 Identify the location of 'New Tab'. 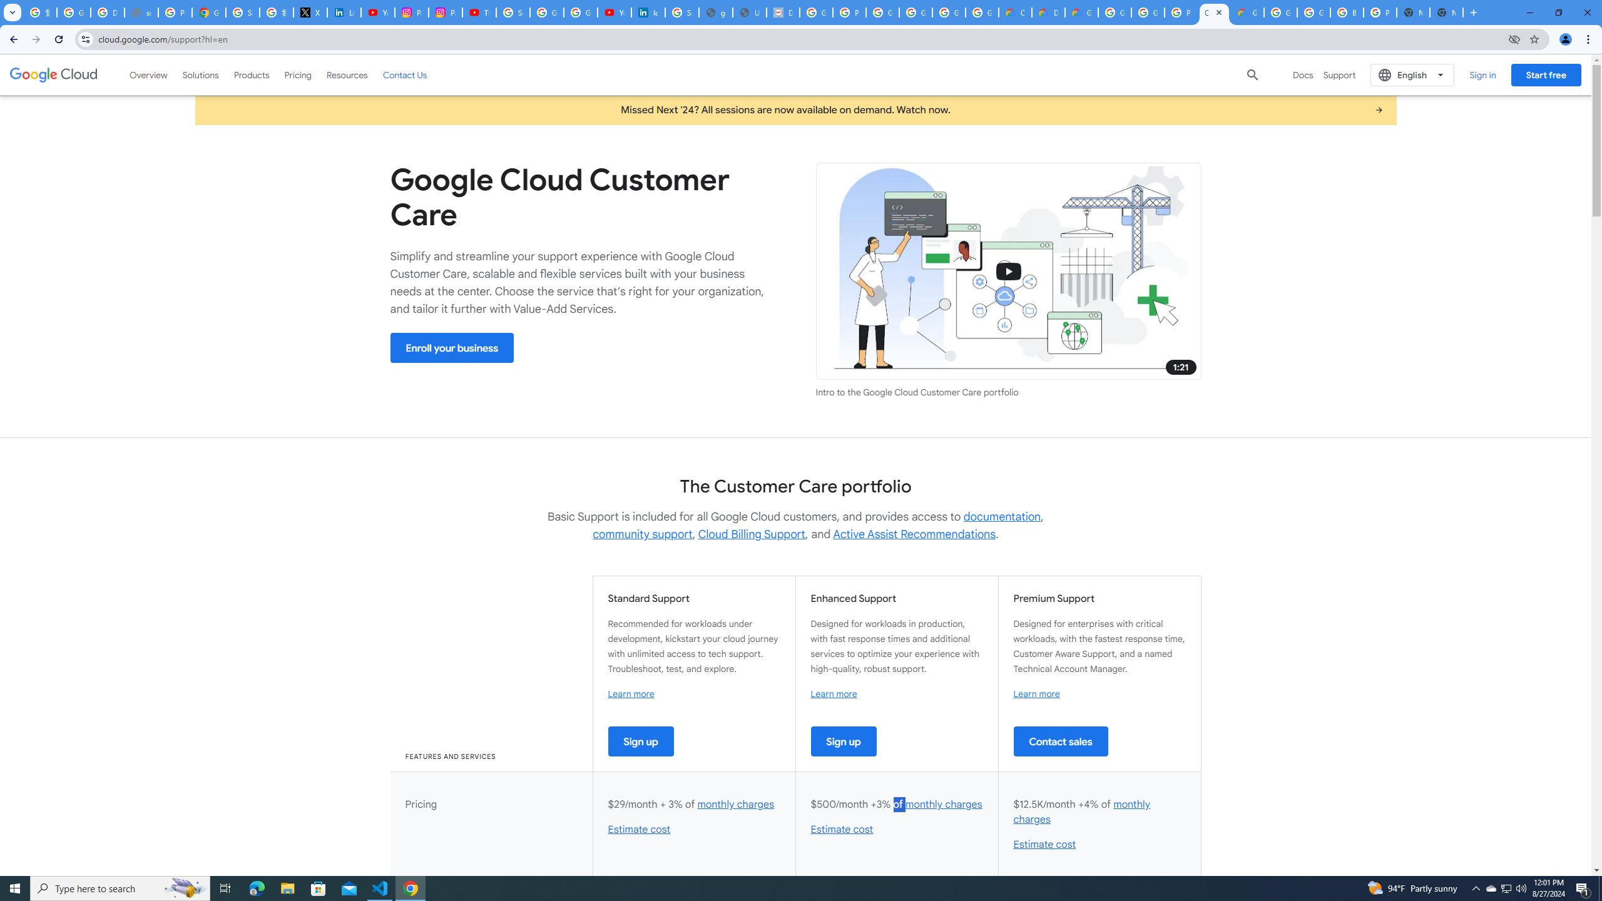
(1446, 12).